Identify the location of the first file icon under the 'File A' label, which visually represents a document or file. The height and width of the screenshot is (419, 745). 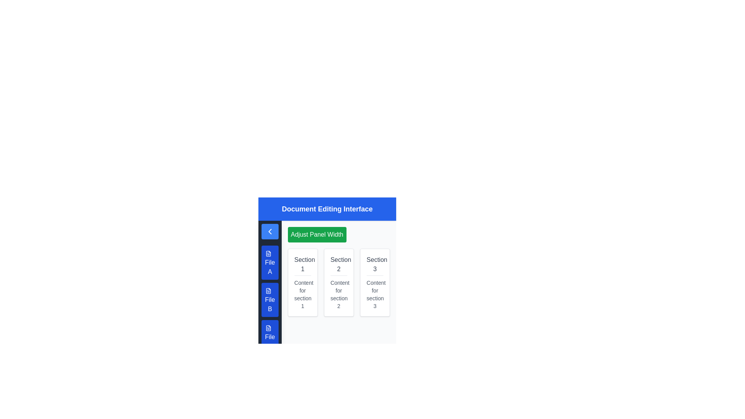
(268, 253).